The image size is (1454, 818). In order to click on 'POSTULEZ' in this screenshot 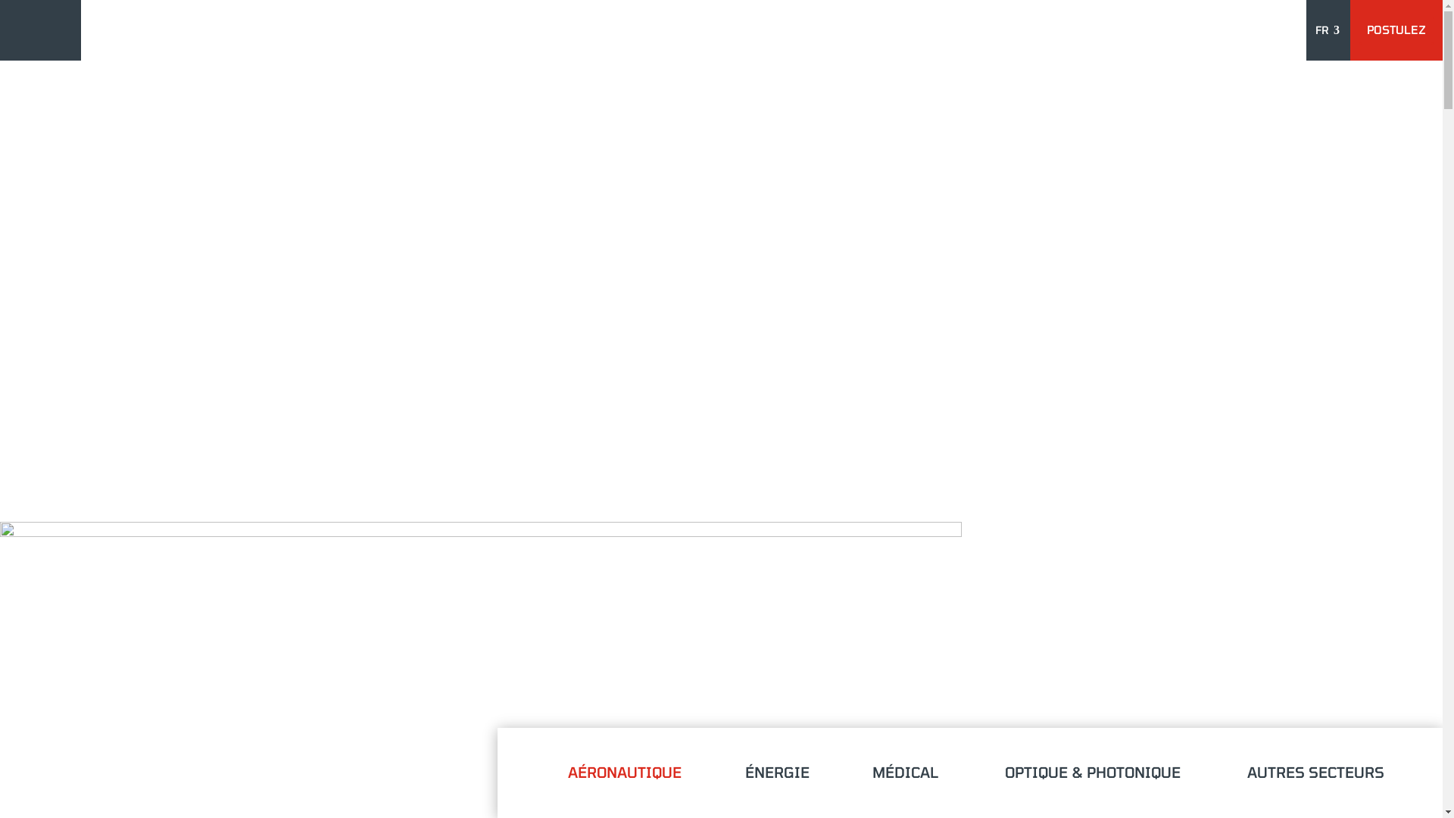, I will do `click(1359, 30)`.